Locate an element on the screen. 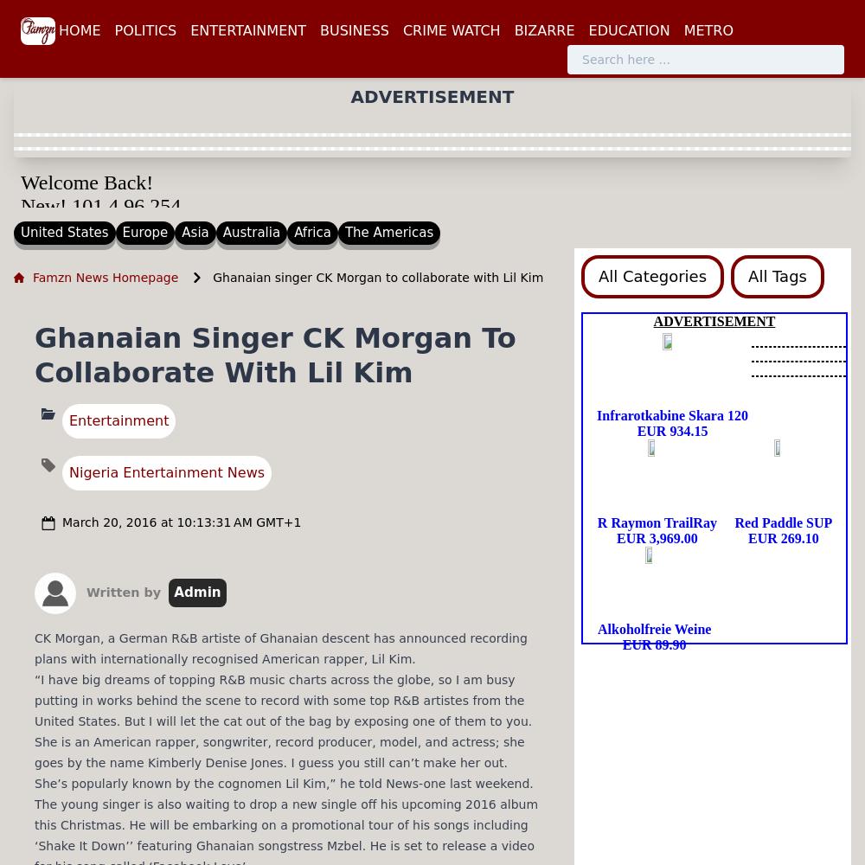 Image resolution: width=865 pixels, height=865 pixels. 'All Categories' is located at coordinates (652, 274).